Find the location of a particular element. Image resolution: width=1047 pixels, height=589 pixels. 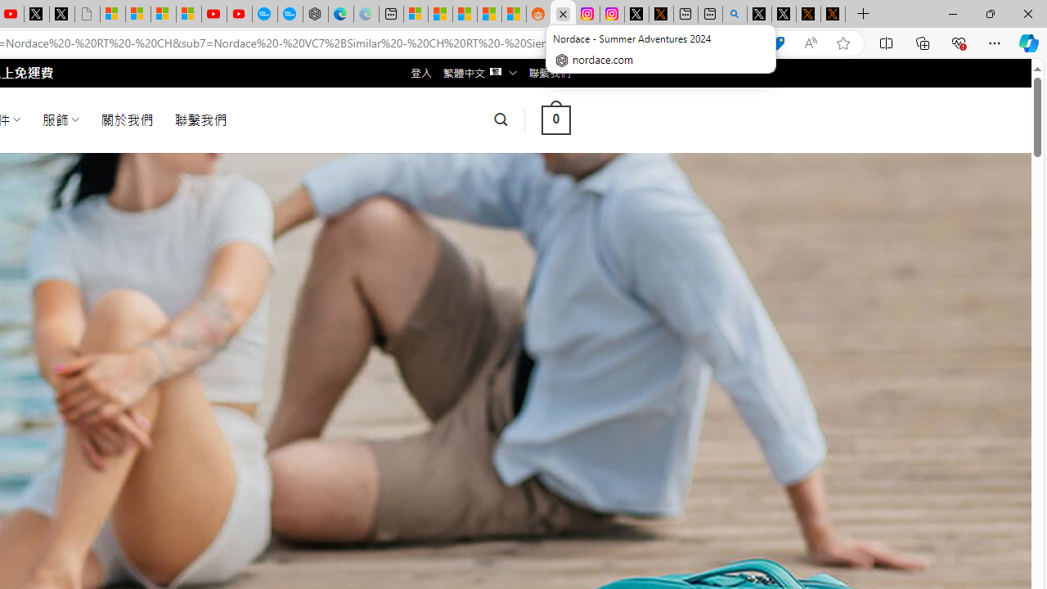

'Settings and more (Alt+F)' is located at coordinates (994, 42).